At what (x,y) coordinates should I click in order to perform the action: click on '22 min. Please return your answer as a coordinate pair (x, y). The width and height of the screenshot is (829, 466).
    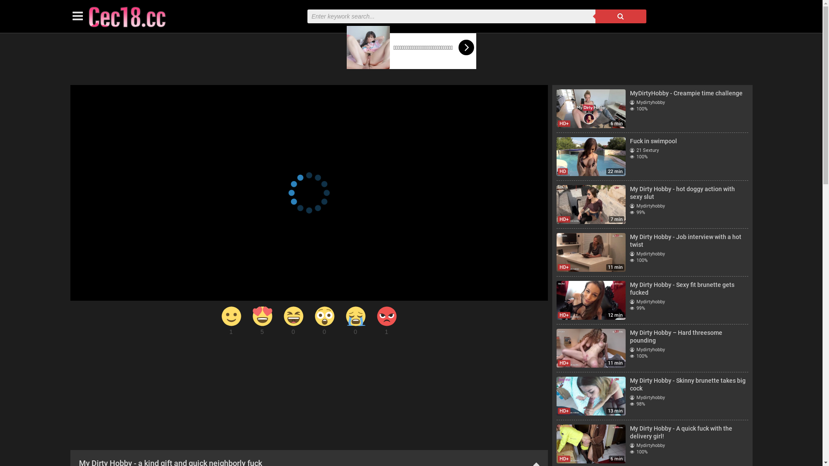
    Looking at the image, I should click on (652, 156).